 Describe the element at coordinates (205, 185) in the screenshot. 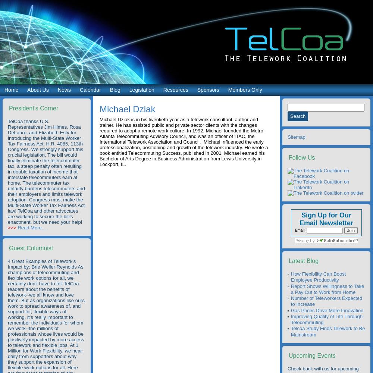

I see `'State and Regional Telework Programs'` at that location.